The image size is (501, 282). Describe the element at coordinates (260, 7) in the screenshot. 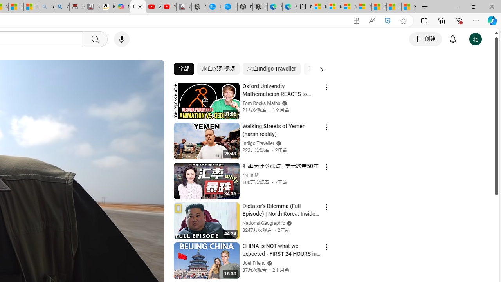

I see `'Nordace - Nordace has arrived Hong Kong'` at that location.